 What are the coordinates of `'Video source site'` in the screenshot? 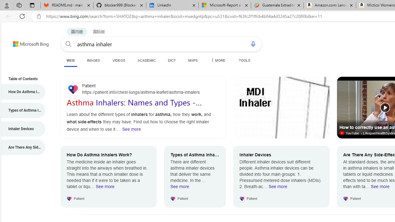 It's located at (342, 133).